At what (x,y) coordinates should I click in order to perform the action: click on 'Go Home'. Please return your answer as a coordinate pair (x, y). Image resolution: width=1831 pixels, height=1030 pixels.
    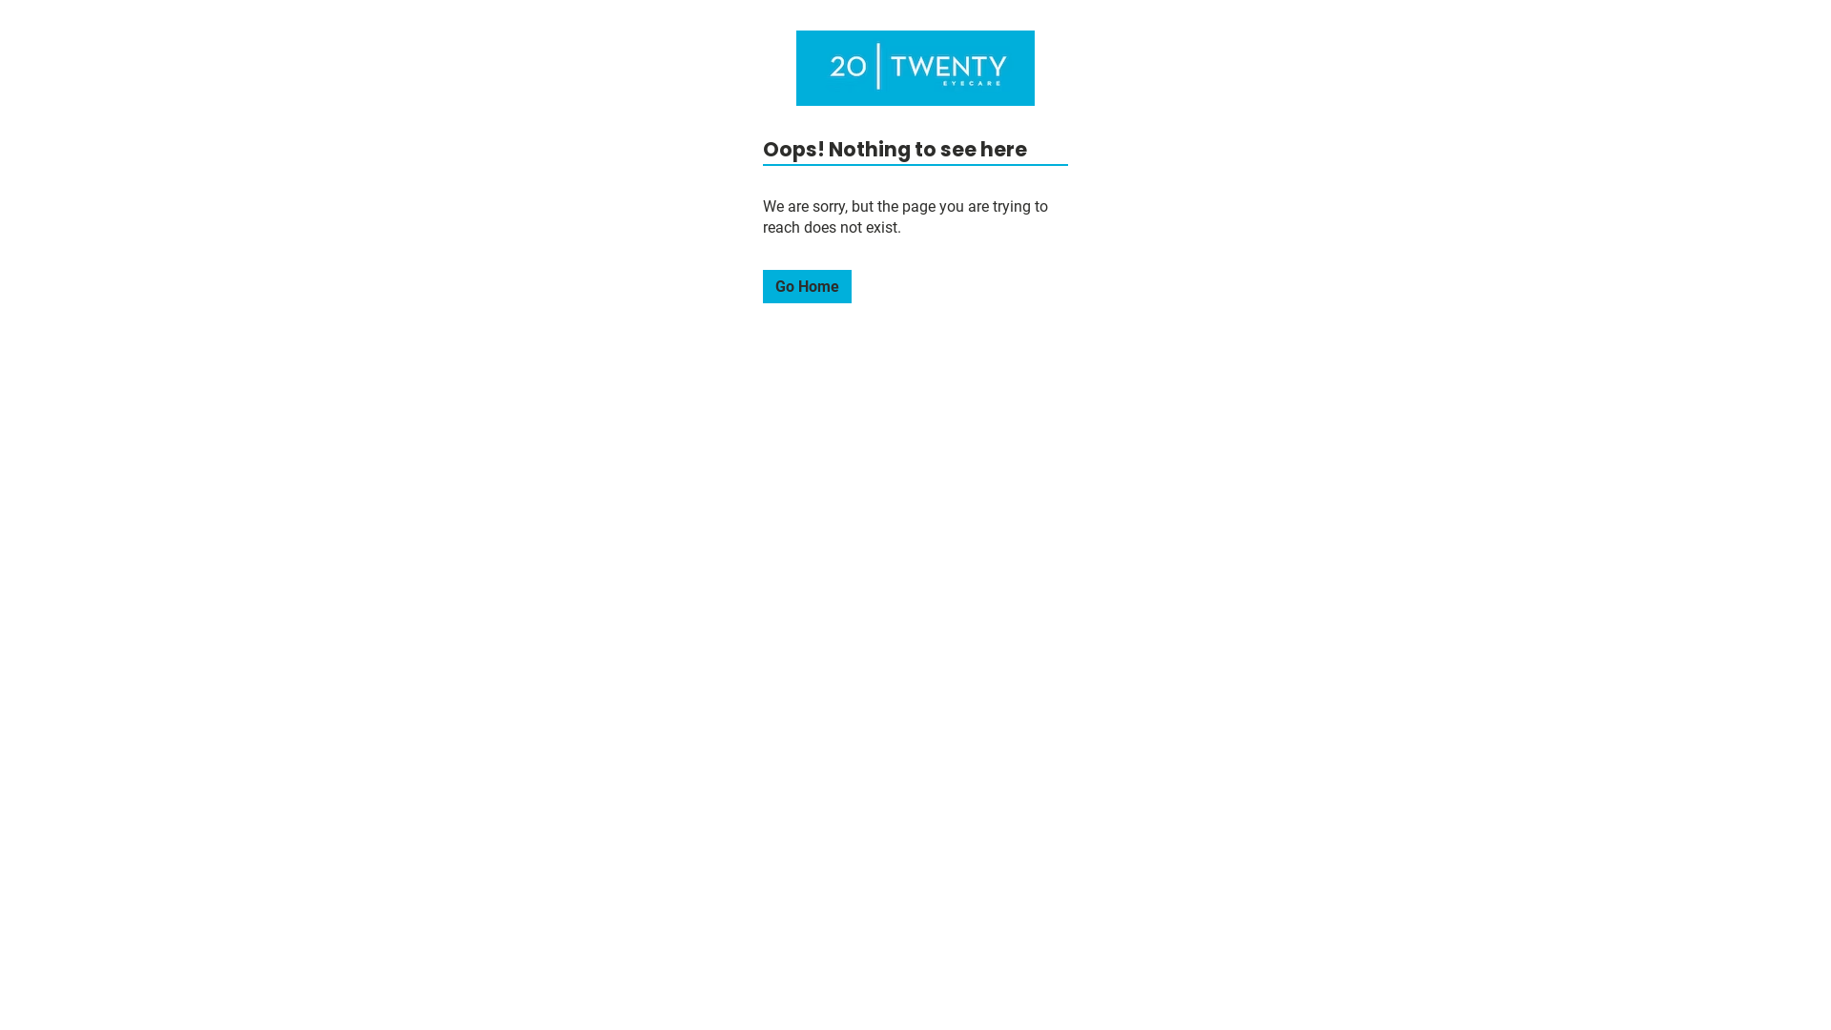
    Looking at the image, I should click on (807, 286).